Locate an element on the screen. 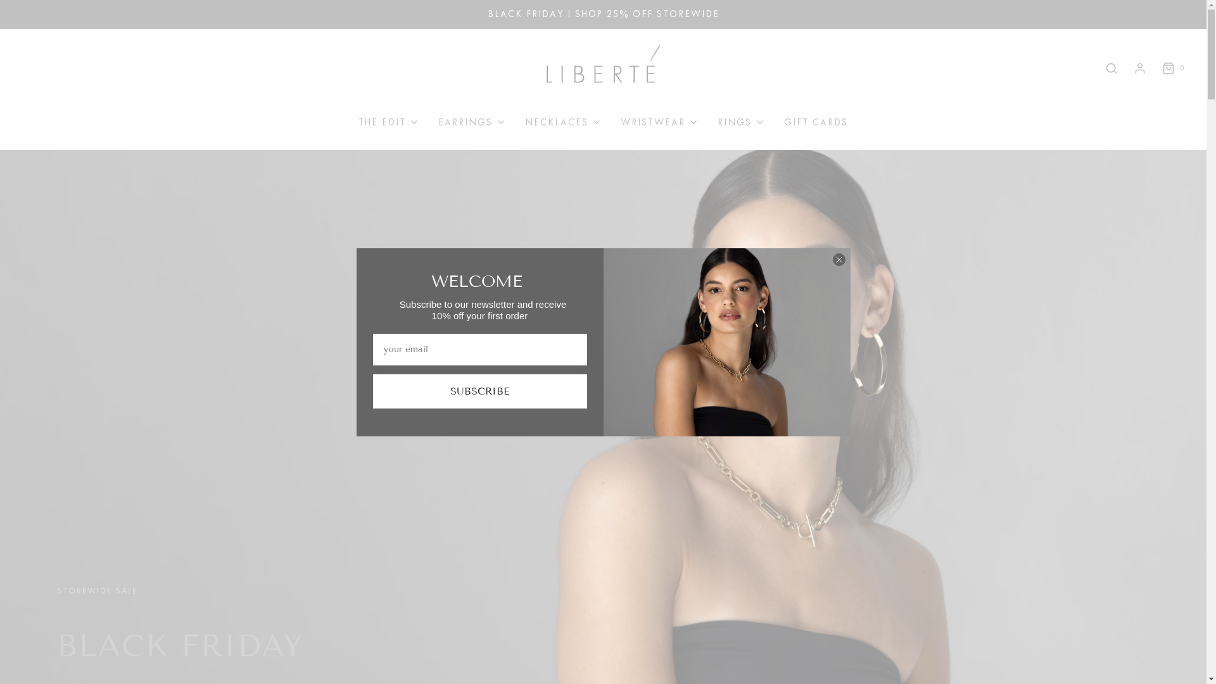 This screenshot has height=684, width=1216. '0' is located at coordinates (1172, 68).